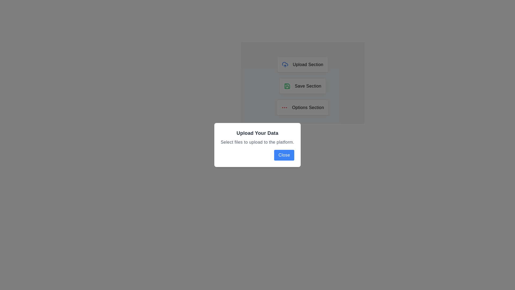  I want to click on save icon located within the 'Save Section', which visually represents the saving action, so click(287, 86).